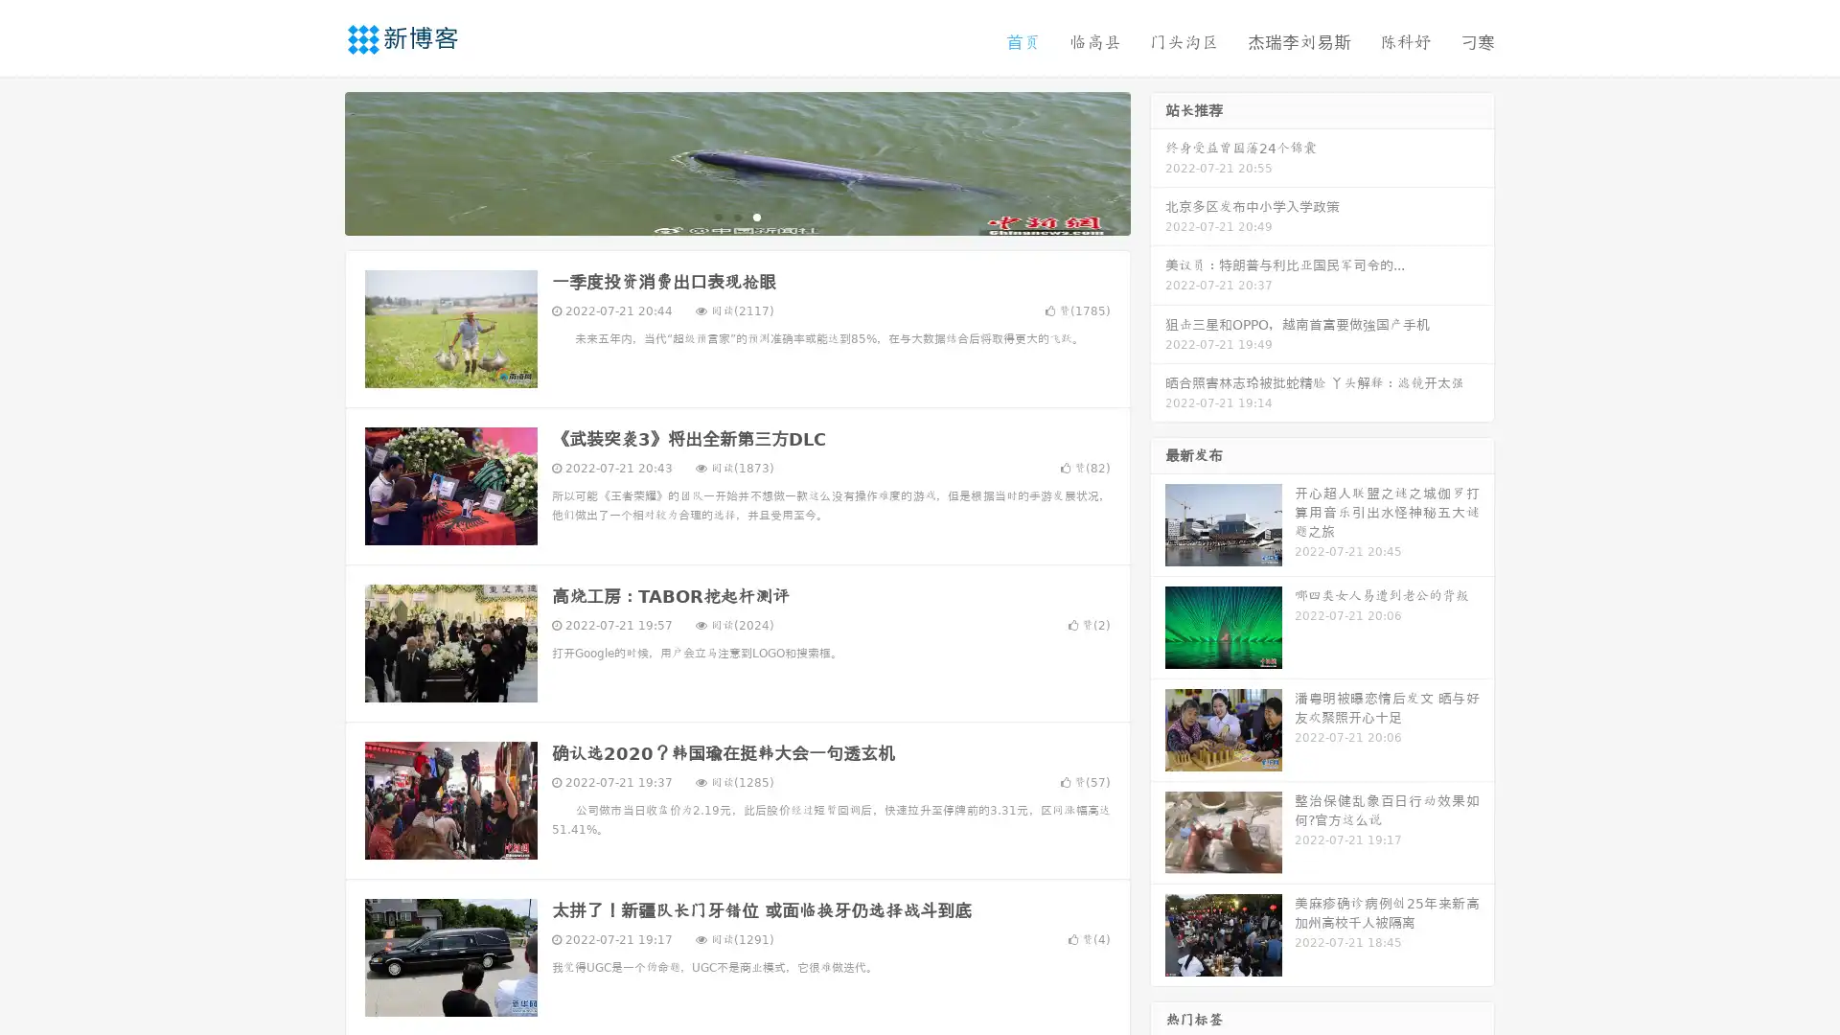  Describe the element at coordinates (316, 161) in the screenshot. I see `Previous slide` at that location.